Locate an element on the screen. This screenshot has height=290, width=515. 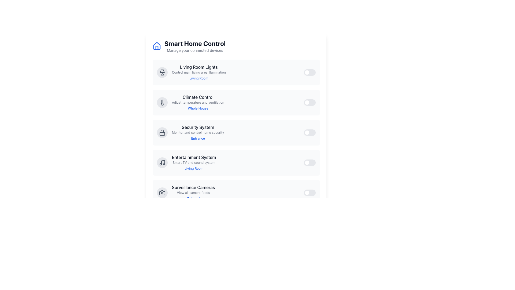
the toggle switch for 'Living Room Lights' located on the far-right end of the UI panel is located at coordinates (310, 73).